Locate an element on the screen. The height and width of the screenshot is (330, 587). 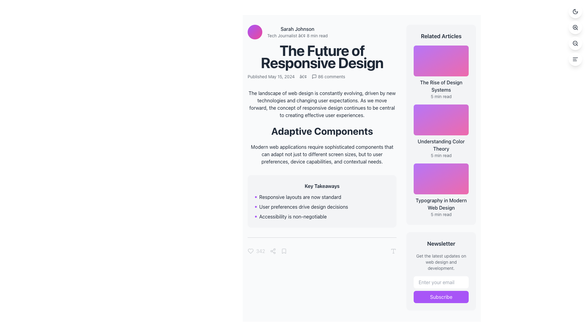
the textual separator bullet dot located between the publication date 'Published May 15, 2024' and the number of comments '86 comments' is located at coordinates (303, 76).